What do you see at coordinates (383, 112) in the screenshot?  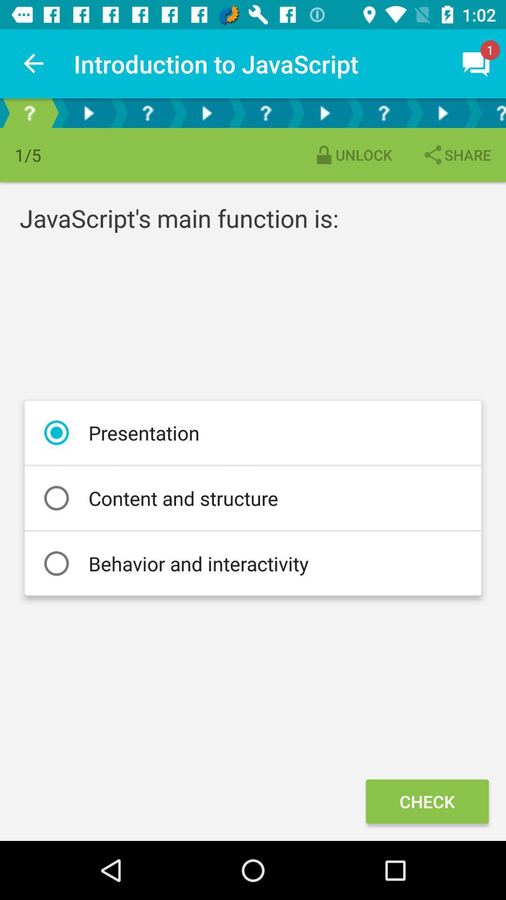 I see `question` at bounding box center [383, 112].